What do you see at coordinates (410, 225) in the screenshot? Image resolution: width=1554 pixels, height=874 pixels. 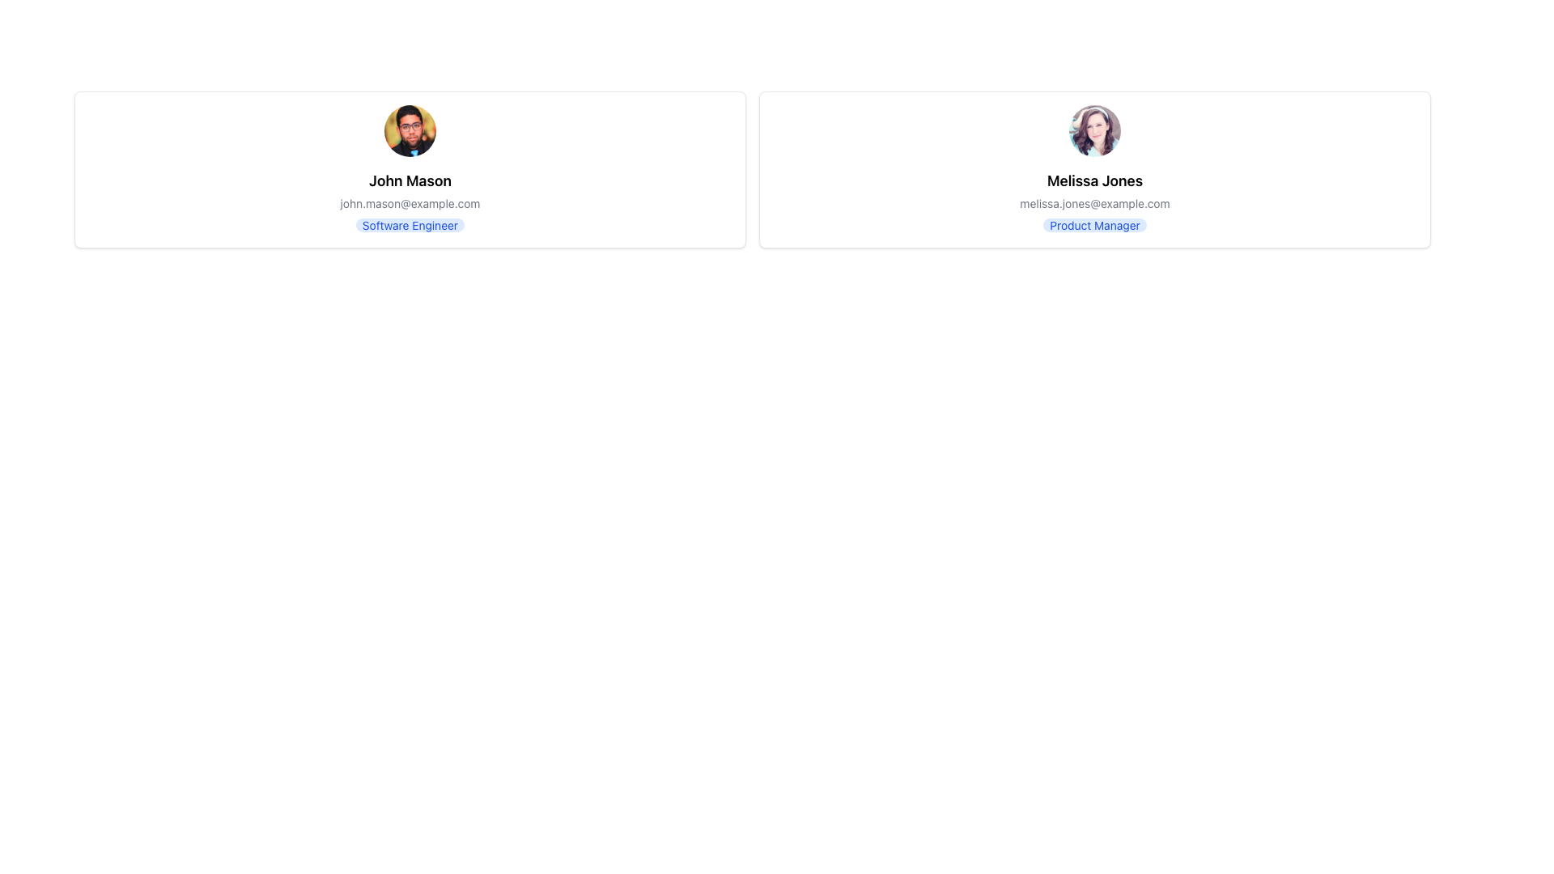 I see `the non-interactive label displaying the job title for John Mason, located below the email 'john.mason@example.com'` at bounding box center [410, 225].